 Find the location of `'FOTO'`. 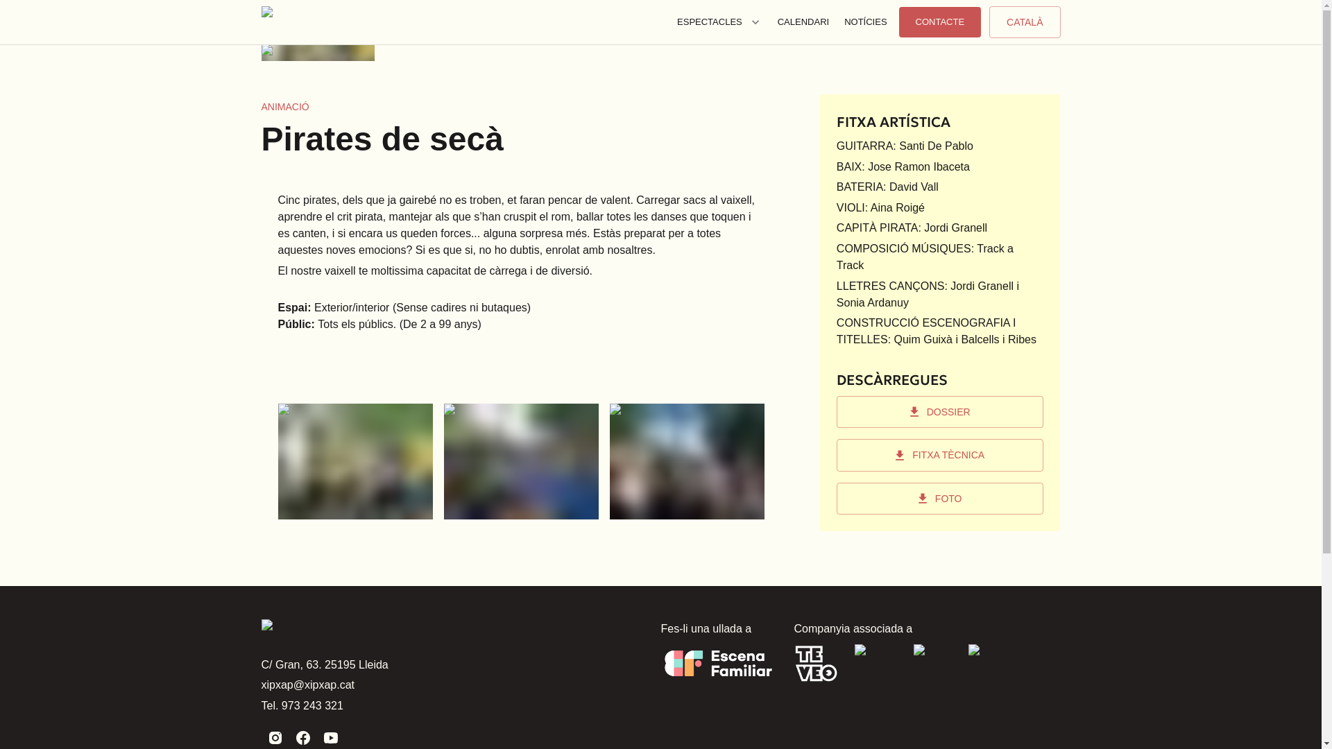

'FOTO' is located at coordinates (940, 498).